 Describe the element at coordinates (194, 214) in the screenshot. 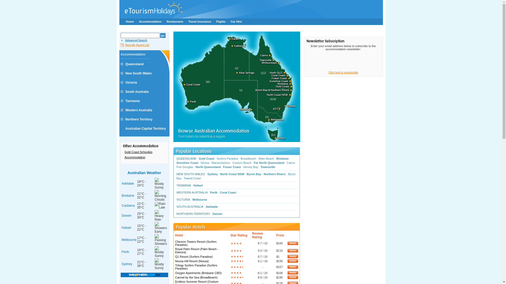

I see `'NORTHERN TERRITORY'` at that location.